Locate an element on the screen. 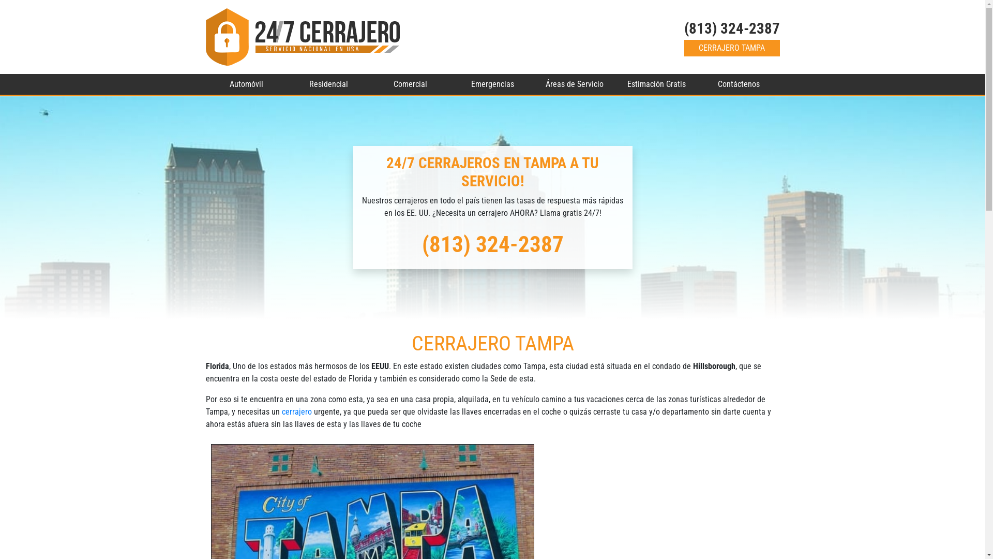  'Residencial' is located at coordinates (288, 83).